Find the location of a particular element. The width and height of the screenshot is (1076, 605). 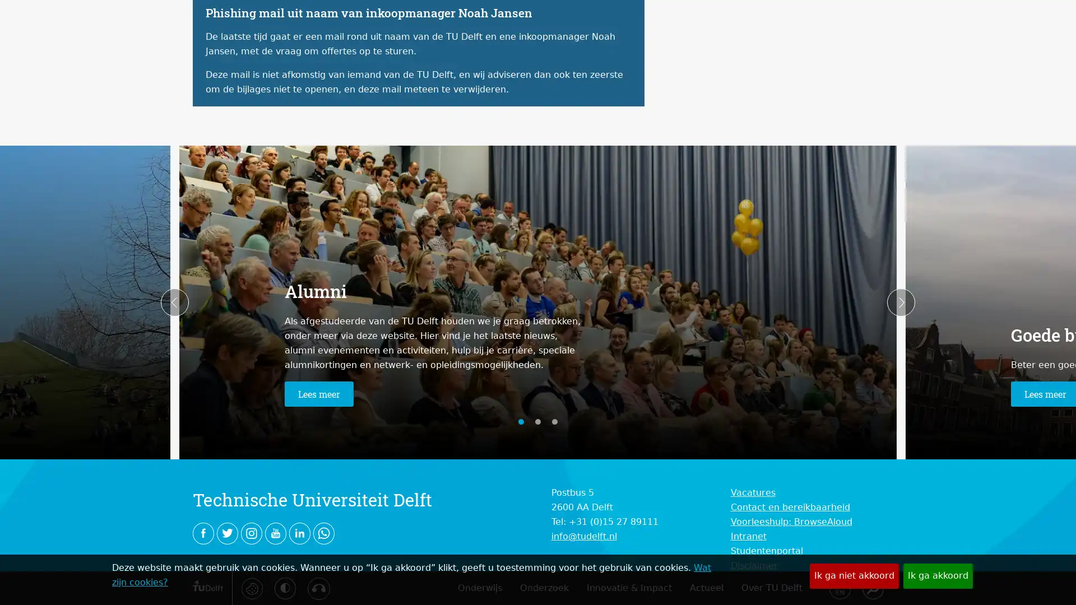

Luister met de ReachDeck-werkbalk is located at coordinates (317, 588).